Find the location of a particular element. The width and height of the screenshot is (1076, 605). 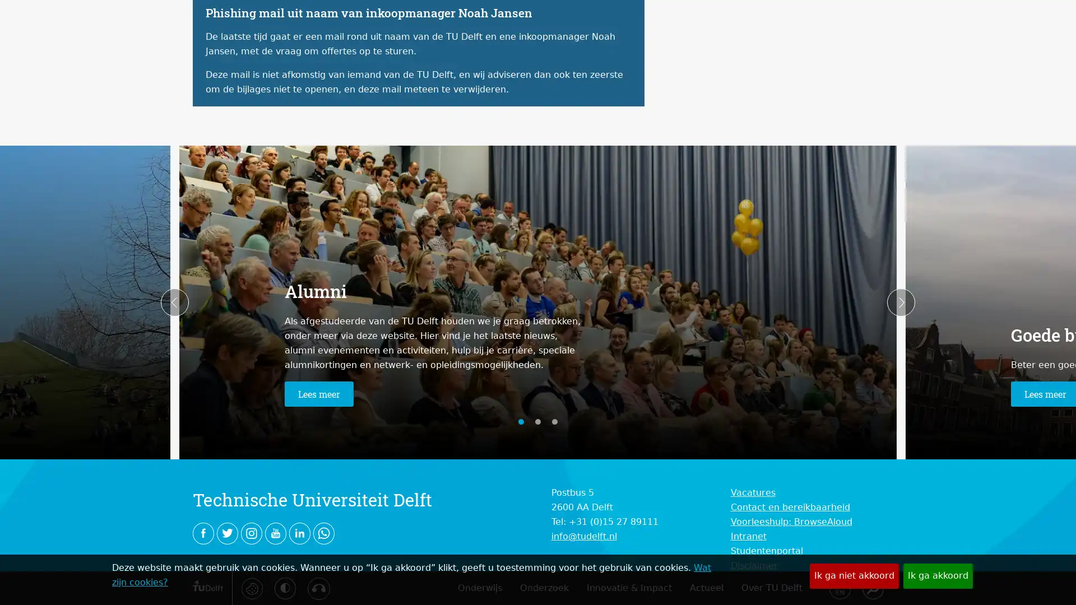

Luister met de ReachDeck-werkbalk is located at coordinates (317, 588).